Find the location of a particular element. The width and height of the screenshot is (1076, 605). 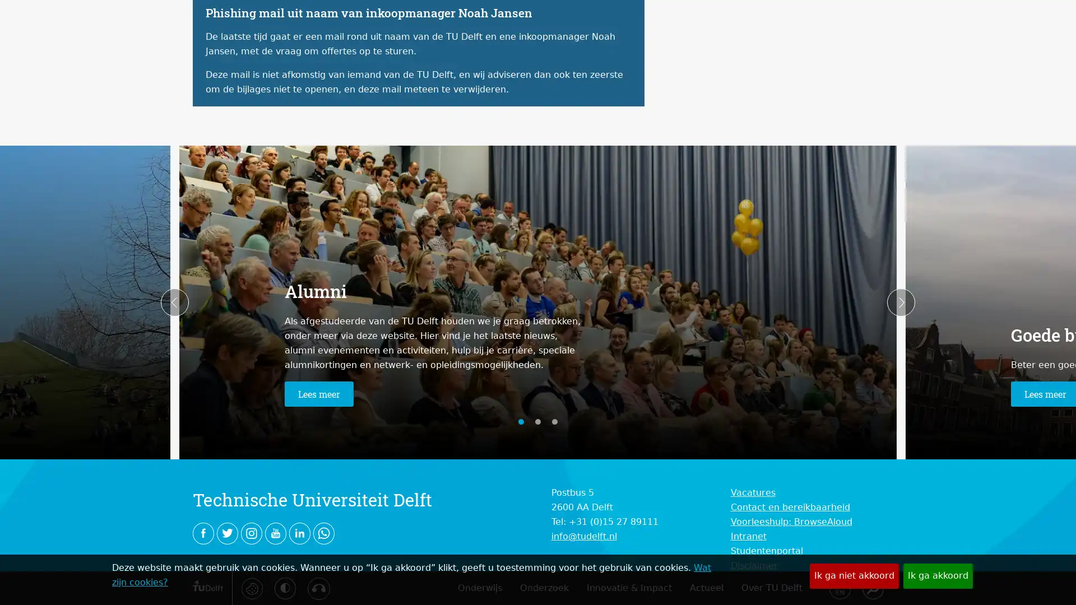

Luister met de ReachDeck-werkbalk is located at coordinates (317, 588).